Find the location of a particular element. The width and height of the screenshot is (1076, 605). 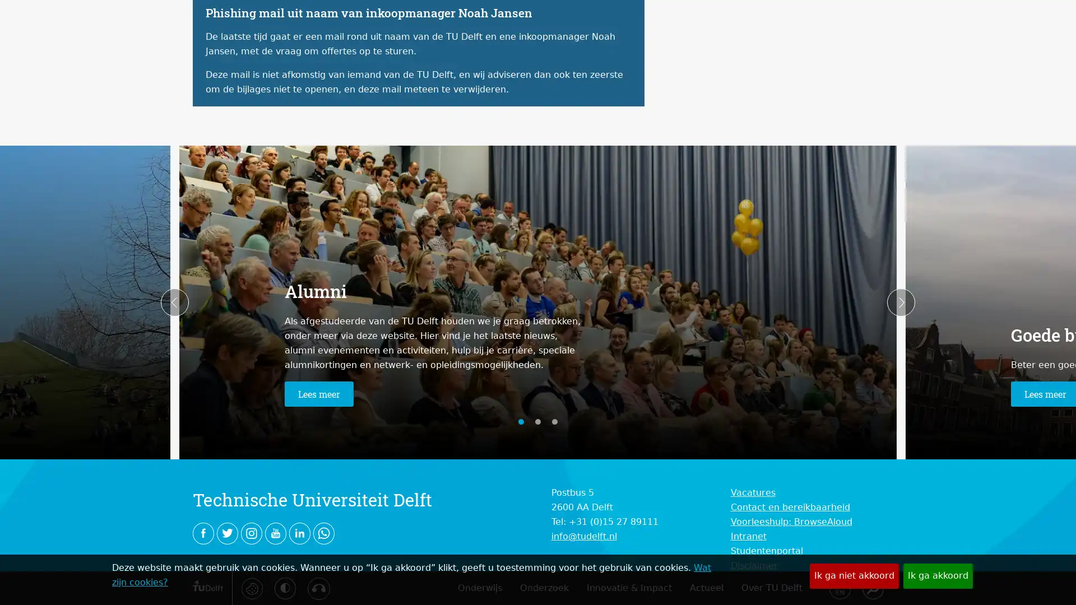

Luister met de ReachDeck-werkbalk is located at coordinates (317, 588).